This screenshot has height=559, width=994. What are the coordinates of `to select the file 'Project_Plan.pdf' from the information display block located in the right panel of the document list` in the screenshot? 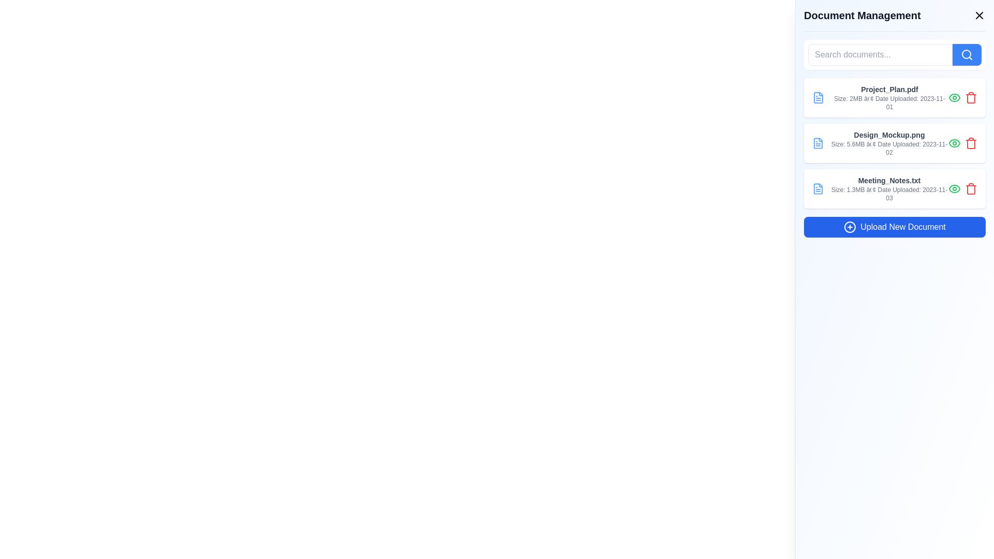 It's located at (889, 98).